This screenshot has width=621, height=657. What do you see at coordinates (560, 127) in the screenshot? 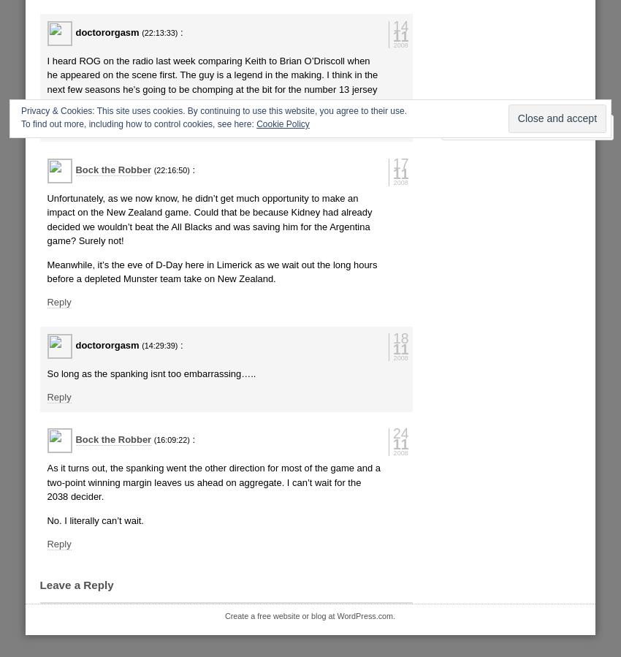
I see `'Follow'` at bounding box center [560, 127].